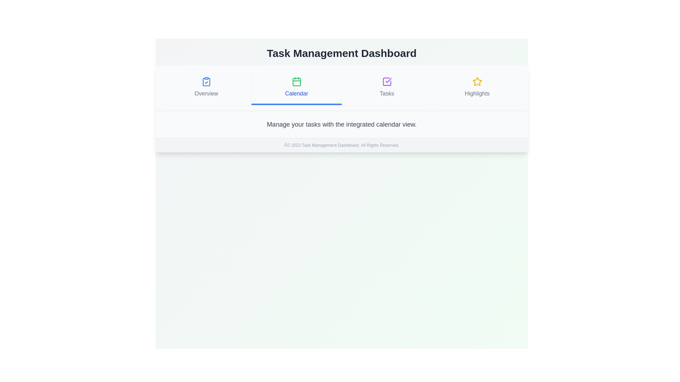 The image size is (680, 382). What do you see at coordinates (296, 88) in the screenshot?
I see `the 'Calendar' button, which features a green calendar icon and blue text with an underline` at bounding box center [296, 88].